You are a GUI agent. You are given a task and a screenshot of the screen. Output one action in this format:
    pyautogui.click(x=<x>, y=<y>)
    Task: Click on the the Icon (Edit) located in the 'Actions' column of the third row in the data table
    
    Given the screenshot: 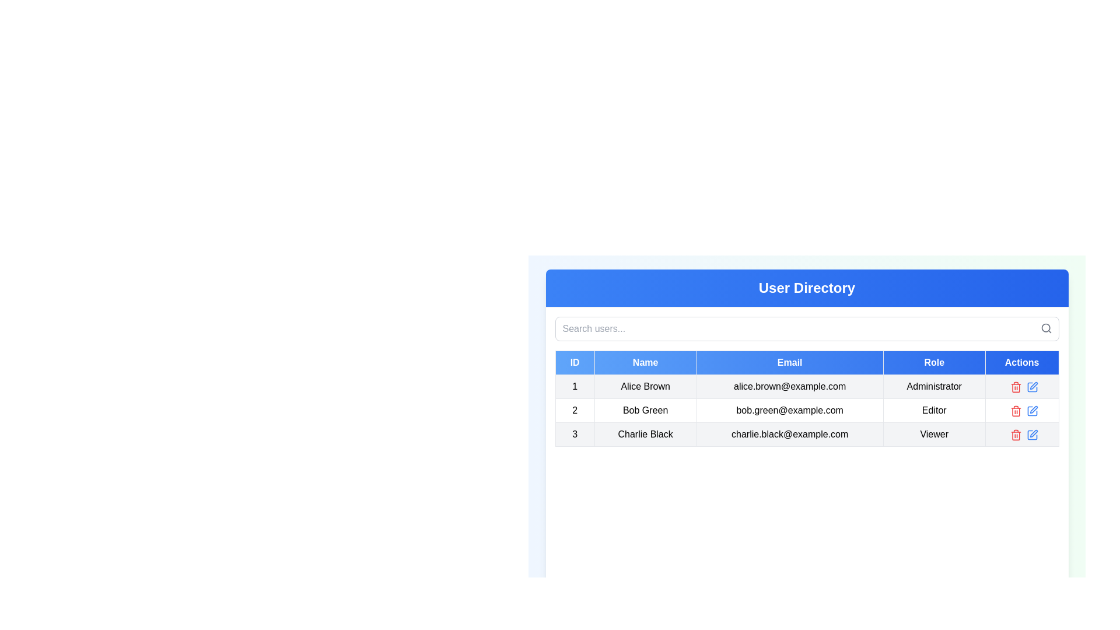 What is the action you would take?
    pyautogui.click(x=1032, y=387)
    